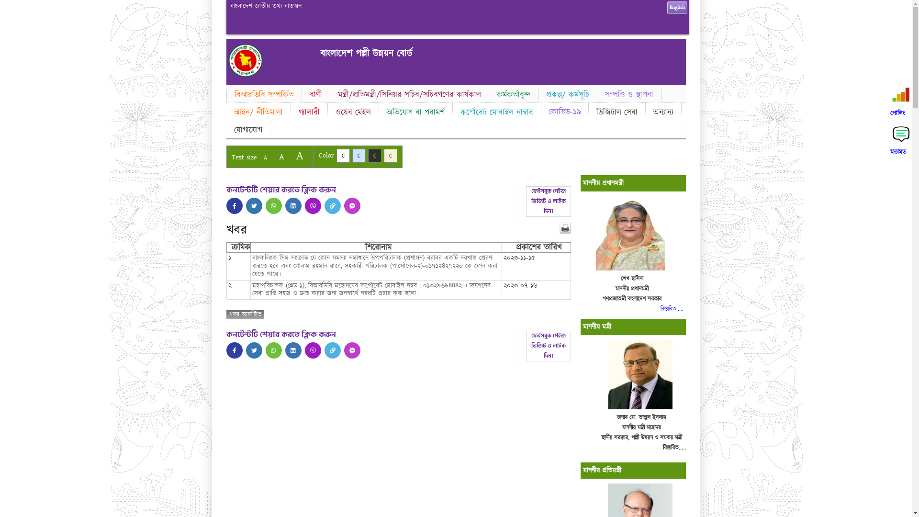 Image resolution: width=919 pixels, height=517 pixels. What do you see at coordinates (265, 157) in the screenshot?
I see `'A'` at bounding box center [265, 157].